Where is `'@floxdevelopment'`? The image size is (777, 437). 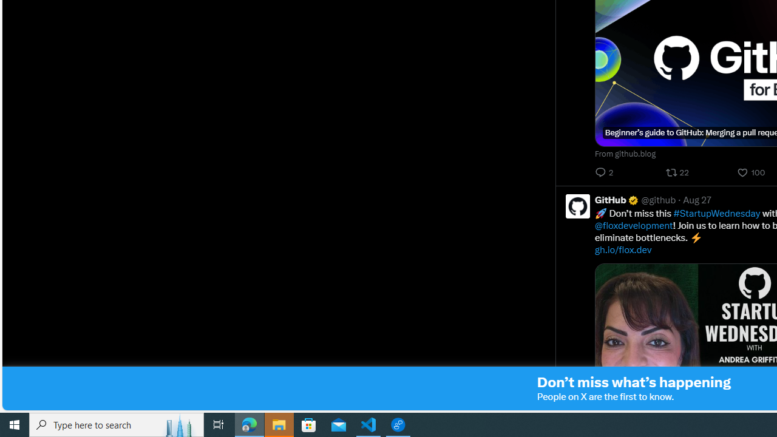
'@floxdevelopment' is located at coordinates (633, 225).